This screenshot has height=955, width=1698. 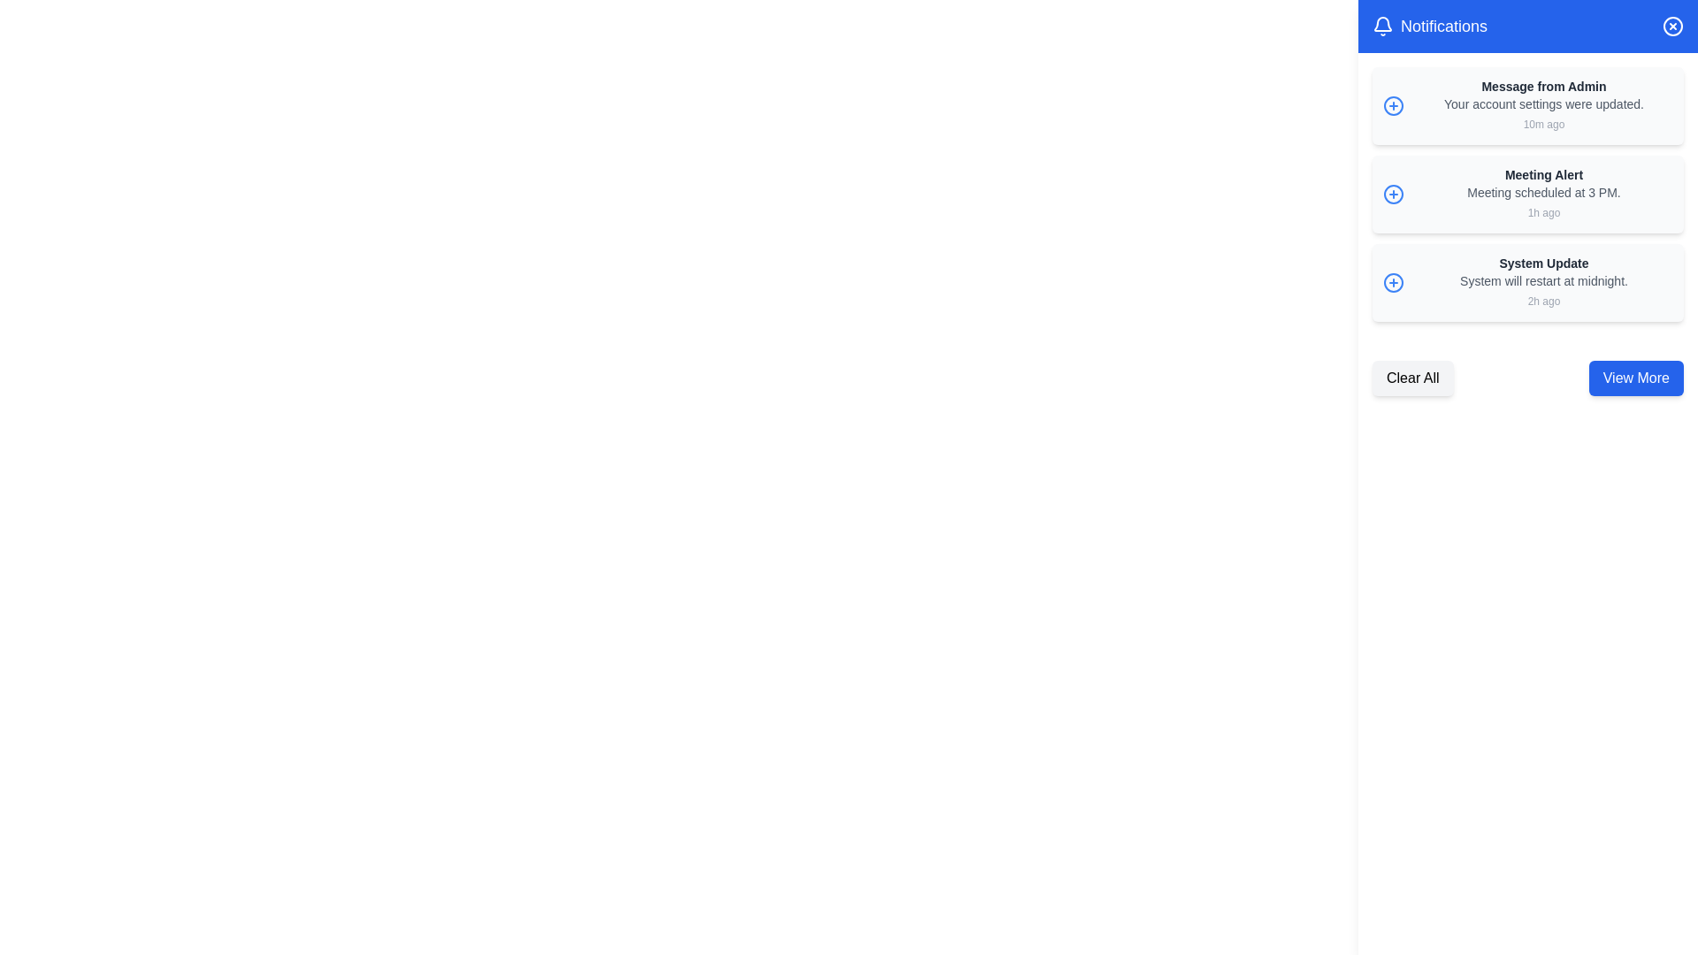 What do you see at coordinates (1392, 282) in the screenshot?
I see `the circular part of the plus icon in the third notification item of the sidebar` at bounding box center [1392, 282].